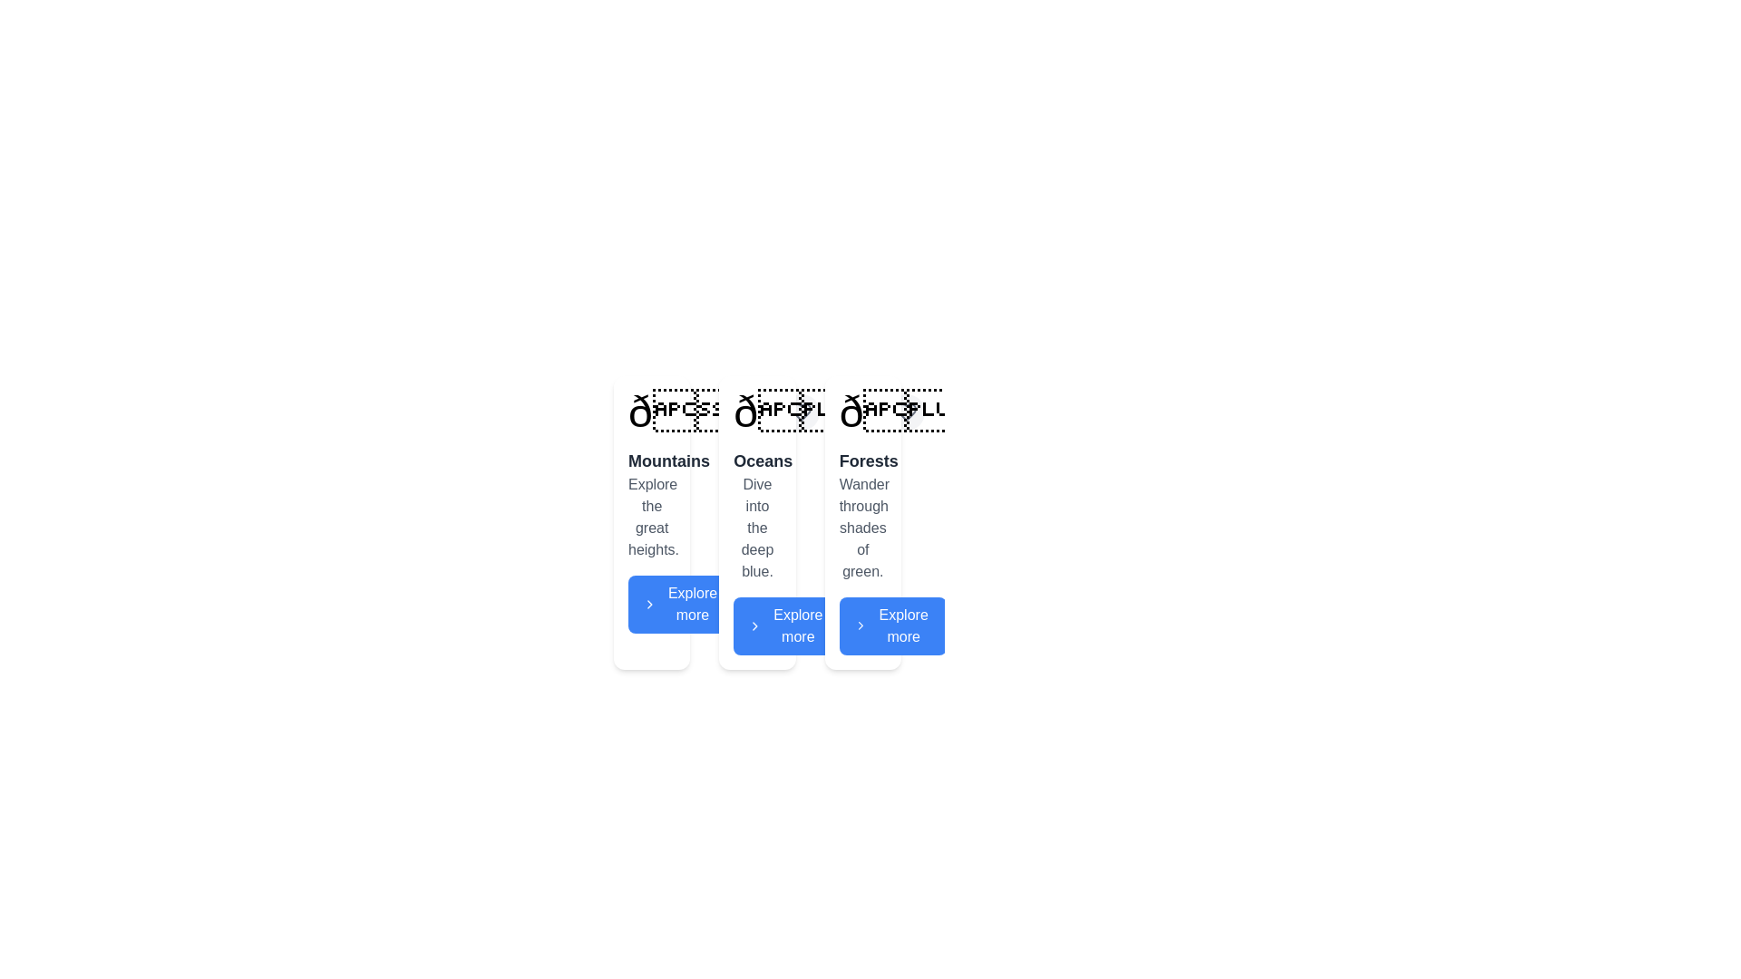  I want to click on the 'Explore more' button with a bright blue background and white text, so click(787, 625).